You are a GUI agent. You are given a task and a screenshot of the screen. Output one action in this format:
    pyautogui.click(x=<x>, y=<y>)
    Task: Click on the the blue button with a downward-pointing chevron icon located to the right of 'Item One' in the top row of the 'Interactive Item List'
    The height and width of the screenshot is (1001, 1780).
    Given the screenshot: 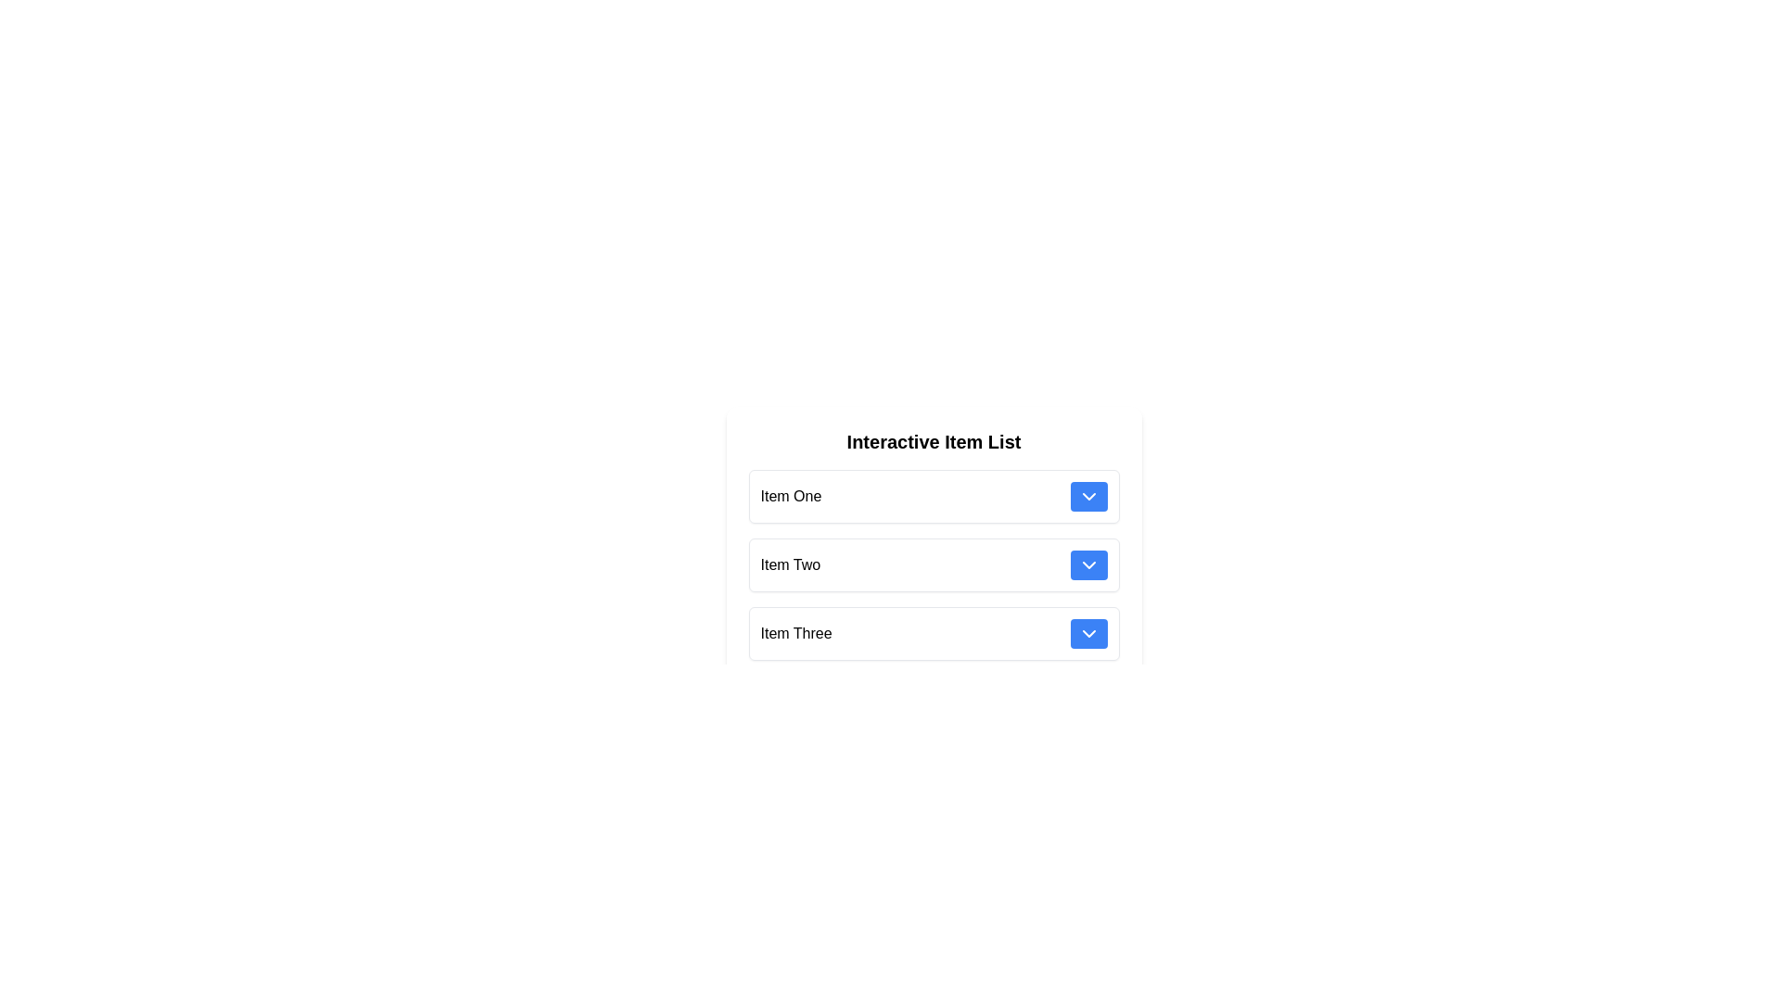 What is the action you would take?
    pyautogui.click(x=1088, y=496)
    